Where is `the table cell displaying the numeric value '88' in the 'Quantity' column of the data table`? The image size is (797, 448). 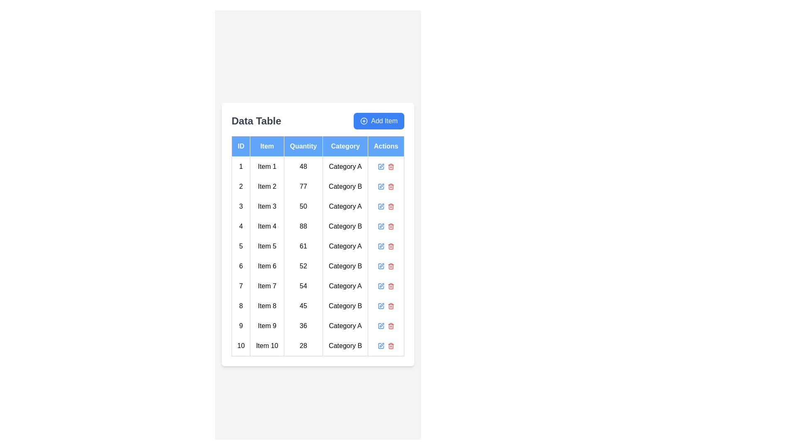 the table cell displaying the numeric value '88' in the 'Quantity' column of the data table is located at coordinates (303, 226).